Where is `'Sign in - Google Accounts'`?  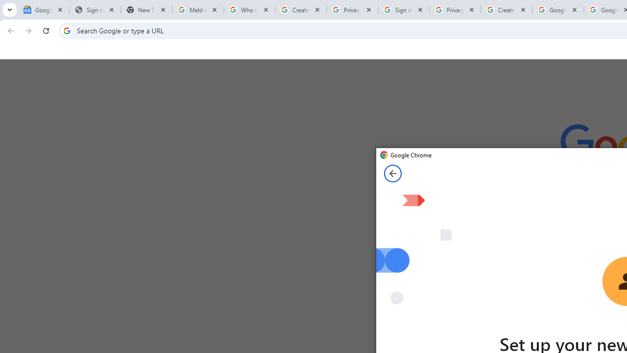 'Sign in - Google Accounts' is located at coordinates (404, 10).